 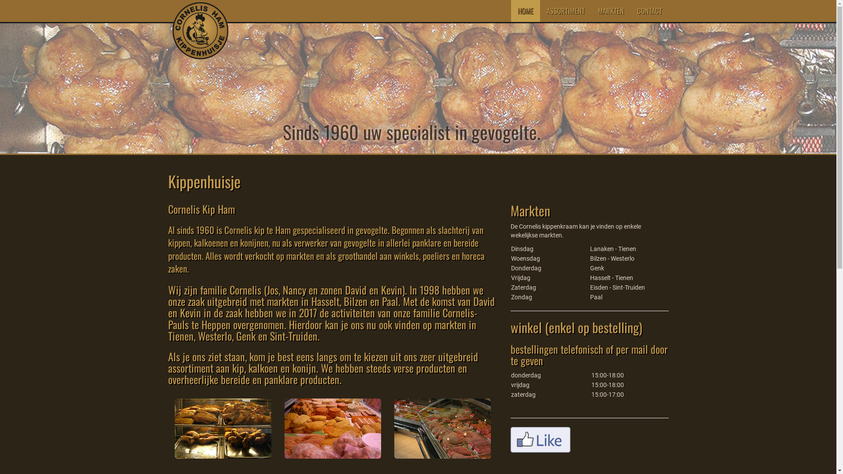 What do you see at coordinates (539, 11) in the screenshot?
I see `'ASSORTIMENT'` at bounding box center [539, 11].